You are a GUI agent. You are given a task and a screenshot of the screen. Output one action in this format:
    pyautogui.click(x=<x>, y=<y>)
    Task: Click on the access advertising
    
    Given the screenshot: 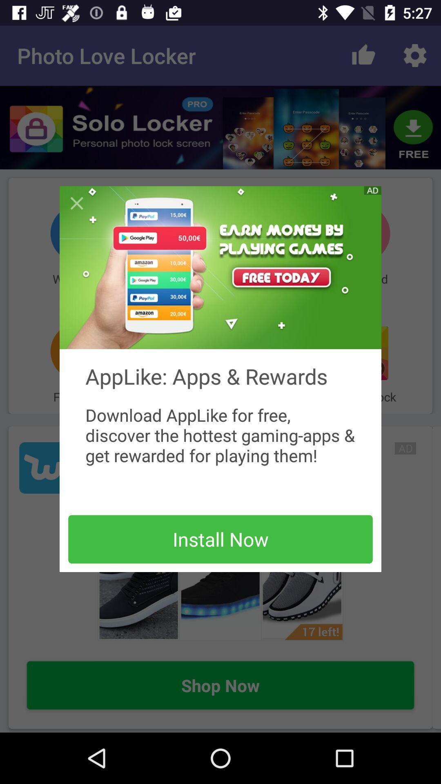 What is the action you would take?
    pyautogui.click(x=220, y=267)
    